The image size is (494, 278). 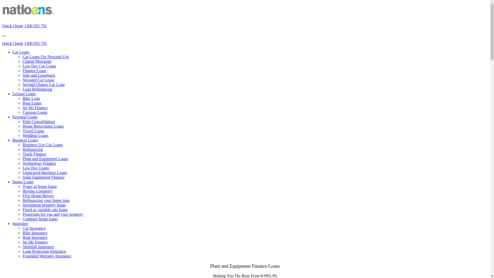 What do you see at coordinates (34, 237) in the screenshot?
I see `'Boat Insurance'` at bounding box center [34, 237].